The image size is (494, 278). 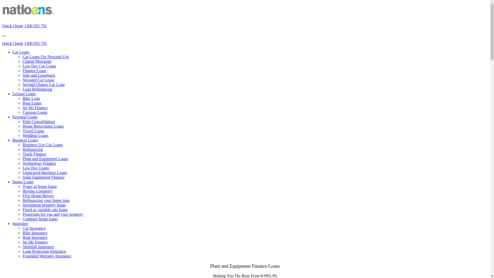 What do you see at coordinates (34, 237) in the screenshot?
I see `'Boat Insurance'` at bounding box center [34, 237].